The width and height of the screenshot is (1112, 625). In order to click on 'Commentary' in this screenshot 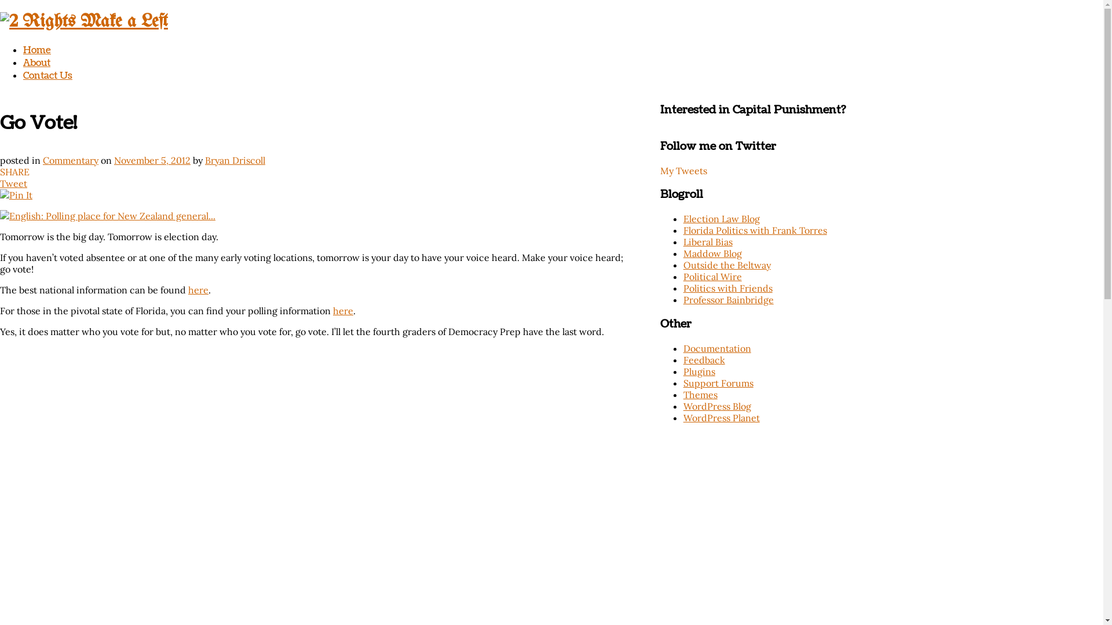, I will do `click(42, 160)`.